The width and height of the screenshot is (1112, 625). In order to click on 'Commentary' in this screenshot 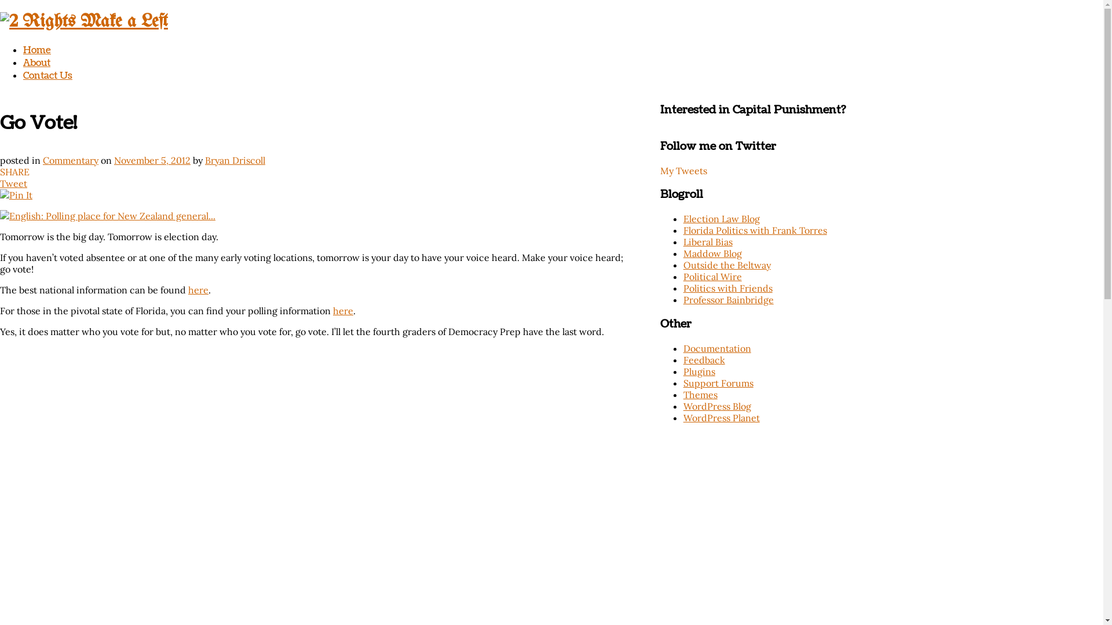, I will do `click(42, 160)`.